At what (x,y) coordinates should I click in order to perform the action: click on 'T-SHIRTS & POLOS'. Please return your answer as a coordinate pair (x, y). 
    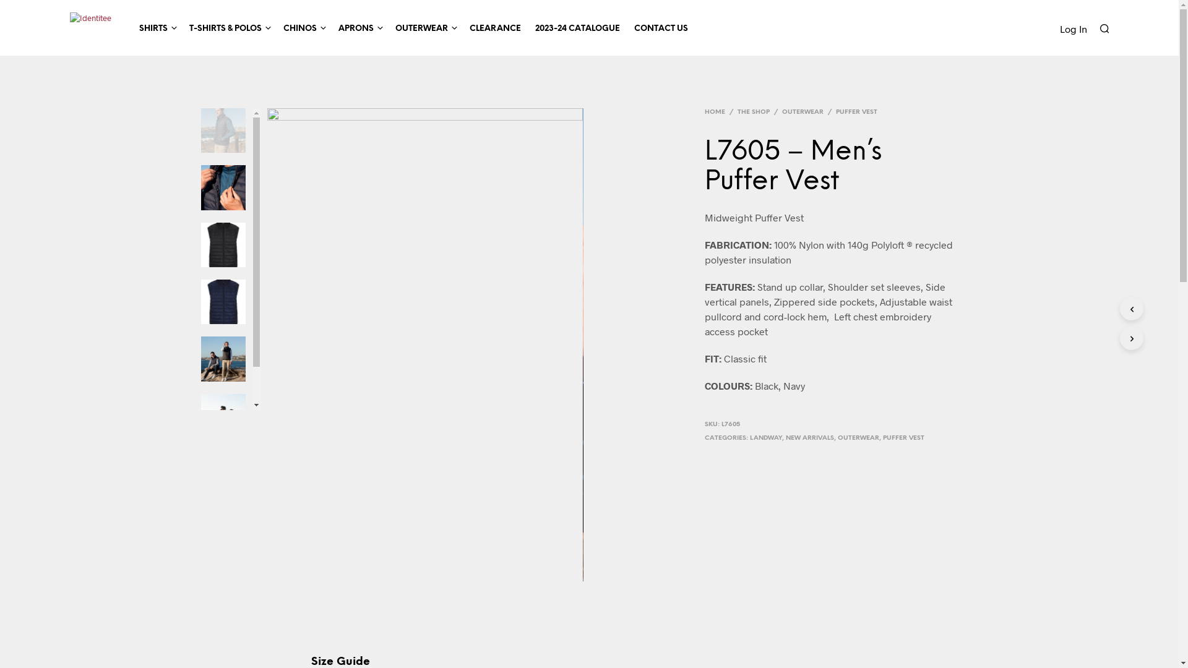
    Looking at the image, I should click on (183, 28).